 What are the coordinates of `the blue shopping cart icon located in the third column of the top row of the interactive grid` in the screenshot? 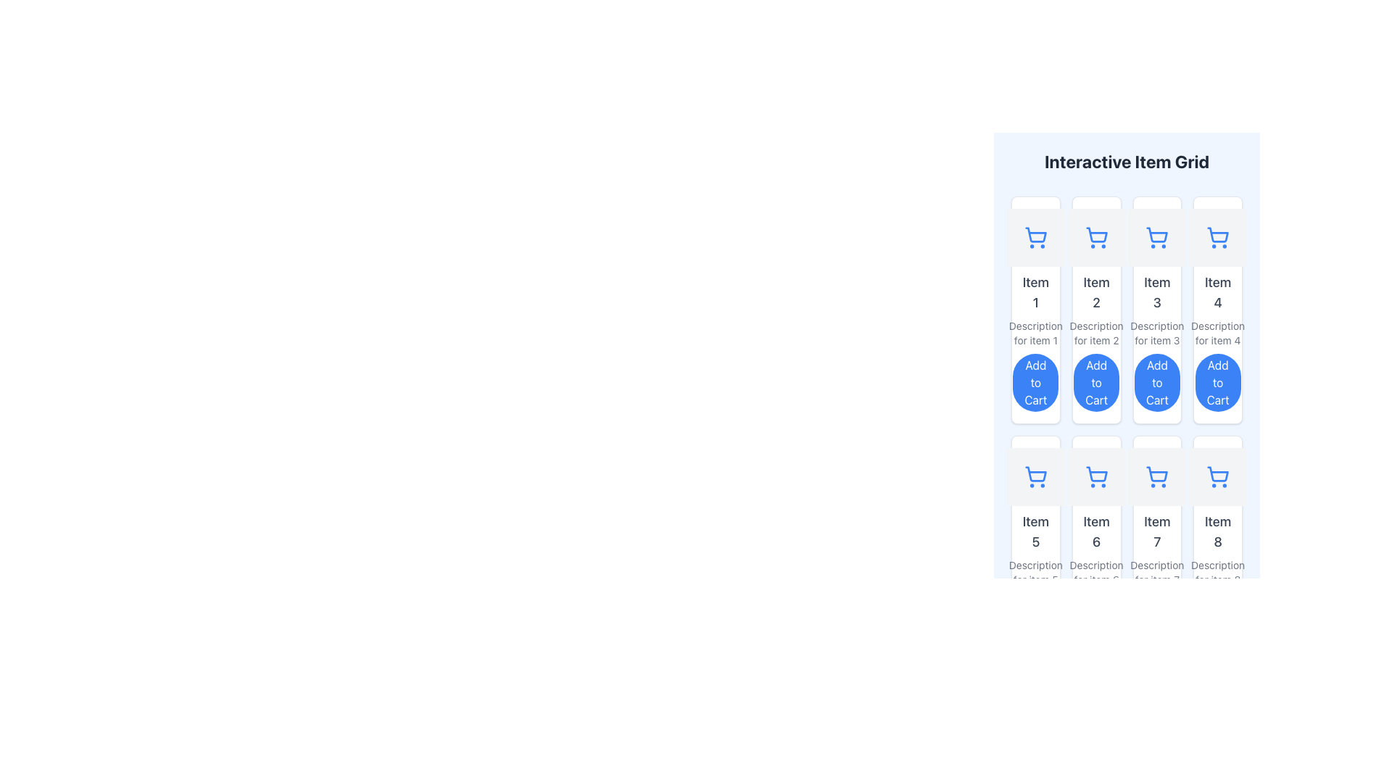 It's located at (1156, 236).